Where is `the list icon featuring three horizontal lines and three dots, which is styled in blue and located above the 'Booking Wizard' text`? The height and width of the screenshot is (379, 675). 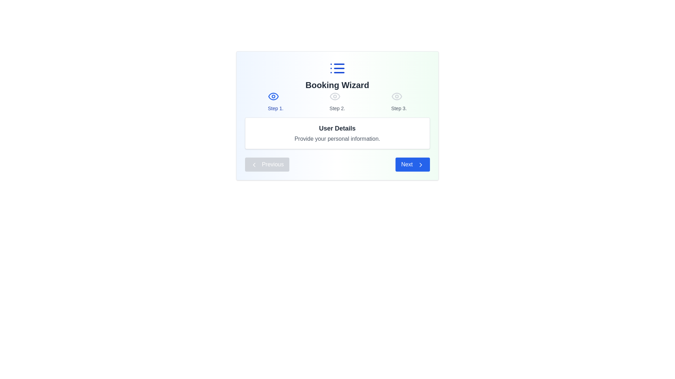 the list icon featuring three horizontal lines and three dots, which is styled in blue and located above the 'Booking Wizard' text is located at coordinates (337, 68).